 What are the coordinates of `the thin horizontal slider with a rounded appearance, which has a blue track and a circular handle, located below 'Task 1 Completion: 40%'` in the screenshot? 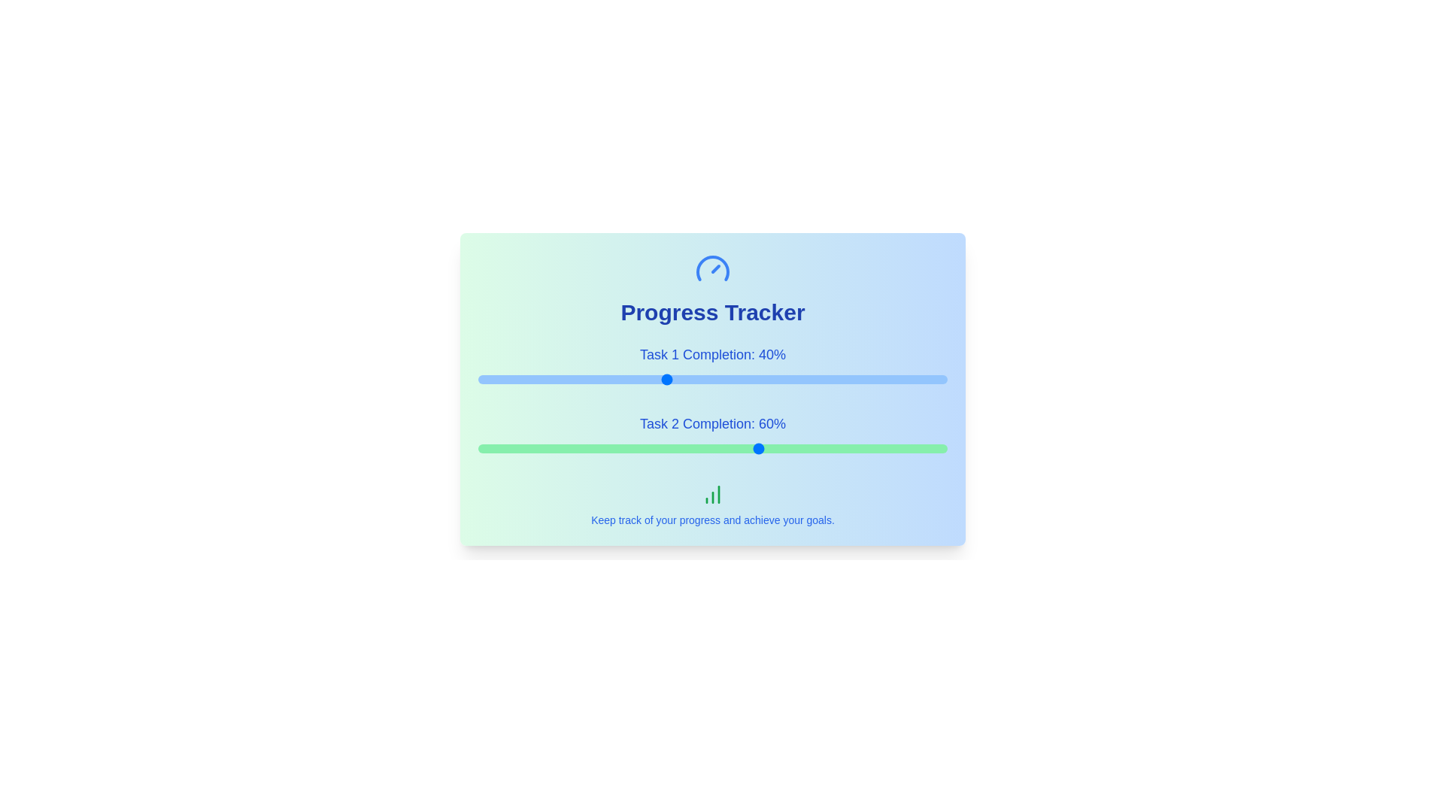 It's located at (712, 379).